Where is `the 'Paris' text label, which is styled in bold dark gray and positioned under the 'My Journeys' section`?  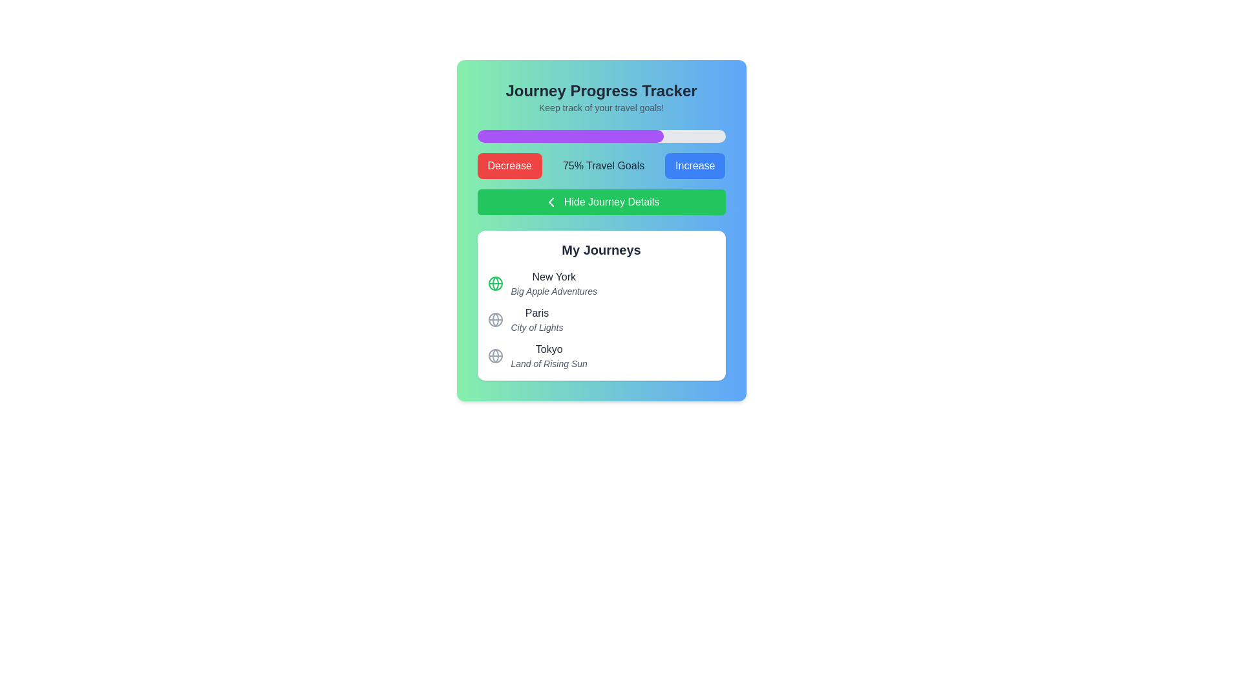 the 'Paris' text label, which is styled in bold dark gray and positioned under the 'My Journeys' section is located at coordinates (536, 313).